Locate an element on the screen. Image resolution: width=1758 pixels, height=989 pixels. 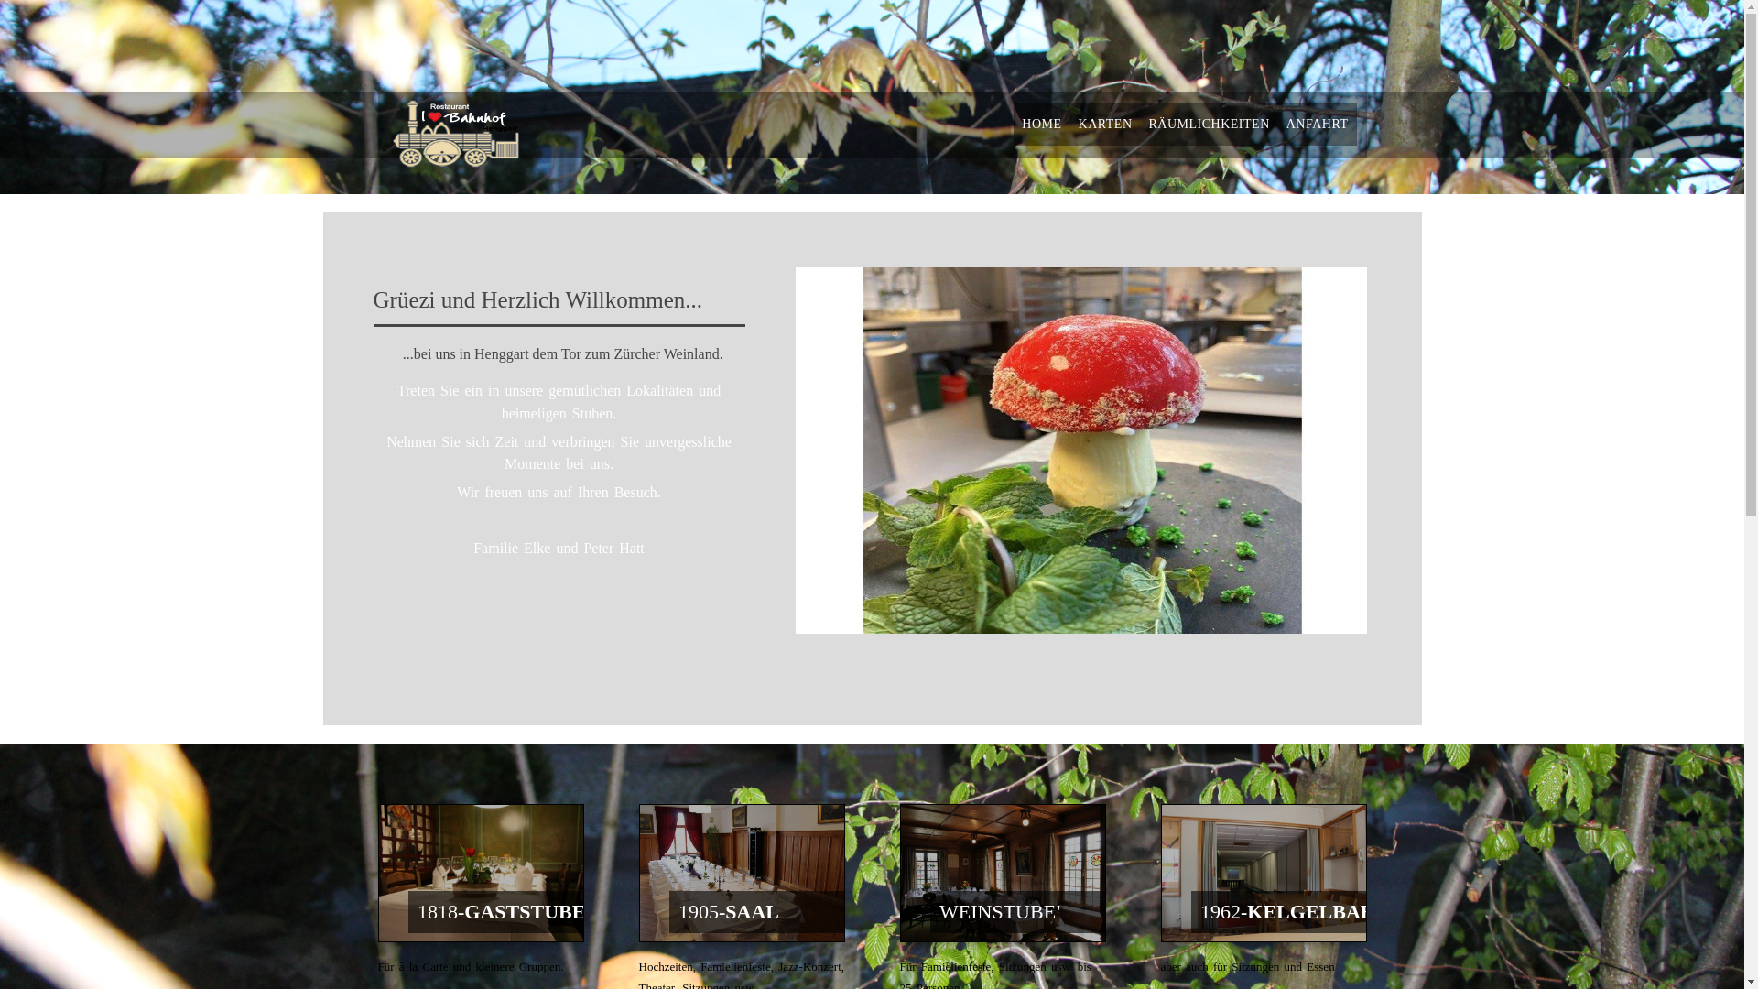
'ANFAHRT' is located at coordinates (1317, 124).